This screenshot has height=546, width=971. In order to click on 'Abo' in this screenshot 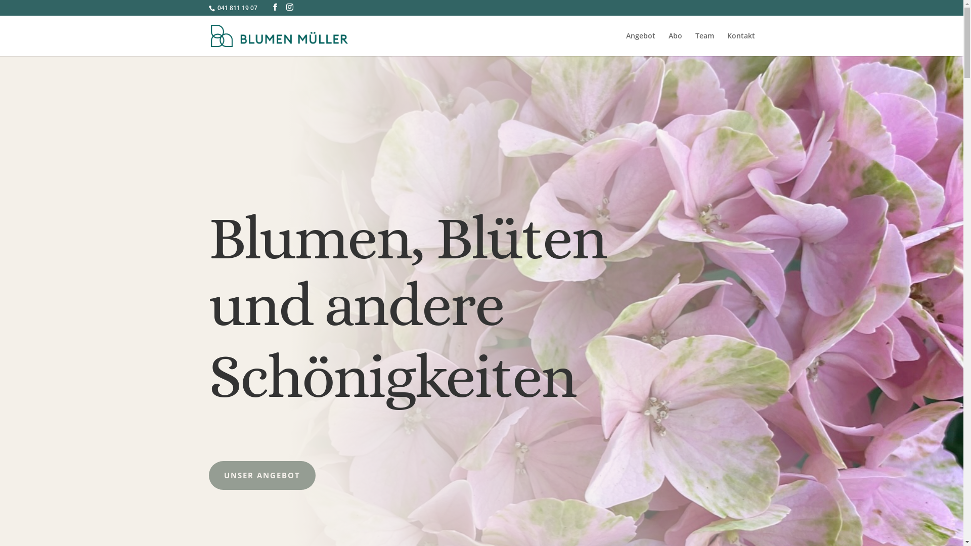, I will do `click(675, 43)`.